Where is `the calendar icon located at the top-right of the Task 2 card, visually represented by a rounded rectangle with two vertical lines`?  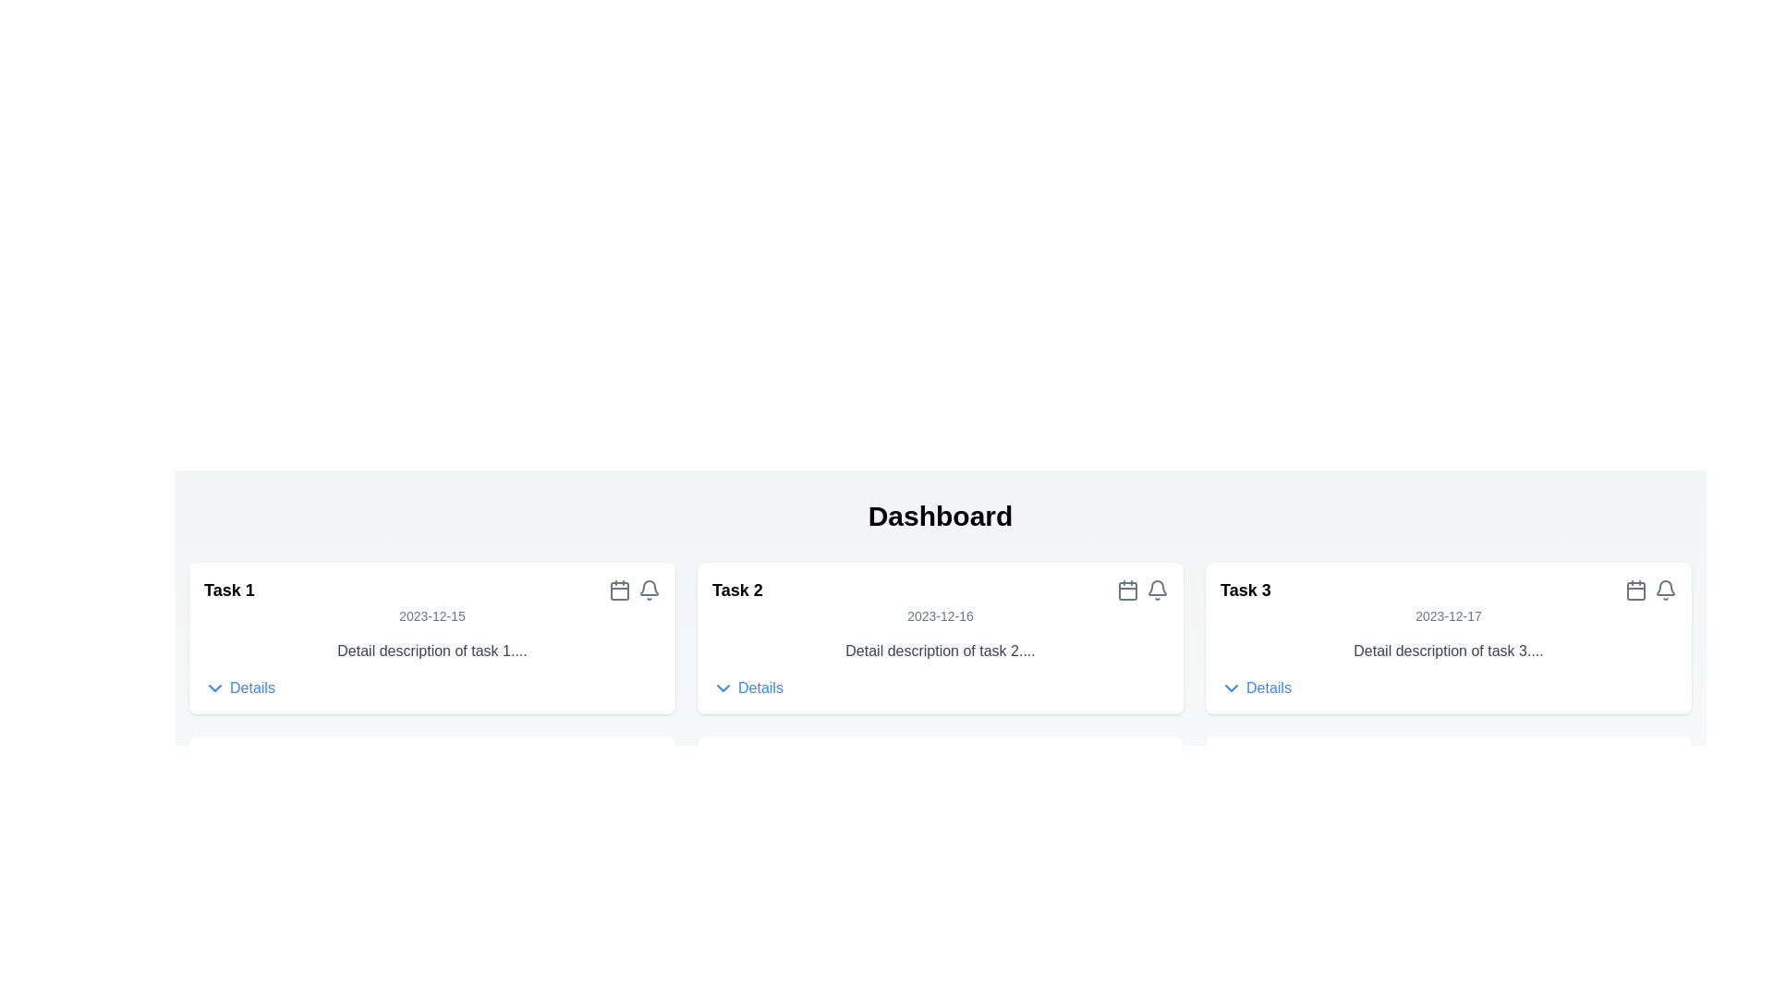 the calendar icon located at the top-right of the Task 2 card, visually represented by a rounded rectangle with two vertical lines is located at coordinates (1126, 591).